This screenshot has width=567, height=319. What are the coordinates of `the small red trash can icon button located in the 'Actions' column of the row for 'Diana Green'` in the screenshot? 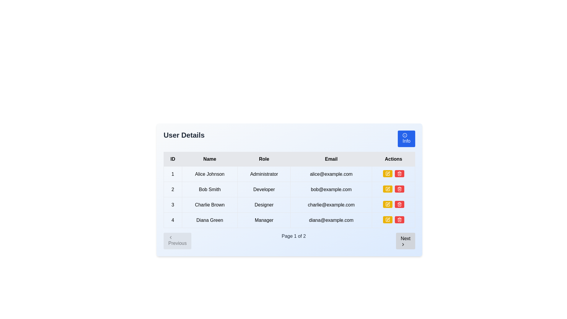 It's located at (399, 220).